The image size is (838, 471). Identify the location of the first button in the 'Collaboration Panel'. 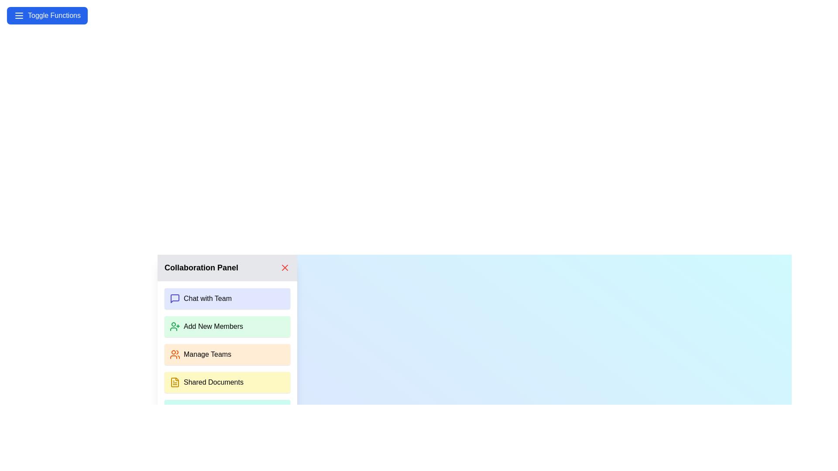
(227, 298).